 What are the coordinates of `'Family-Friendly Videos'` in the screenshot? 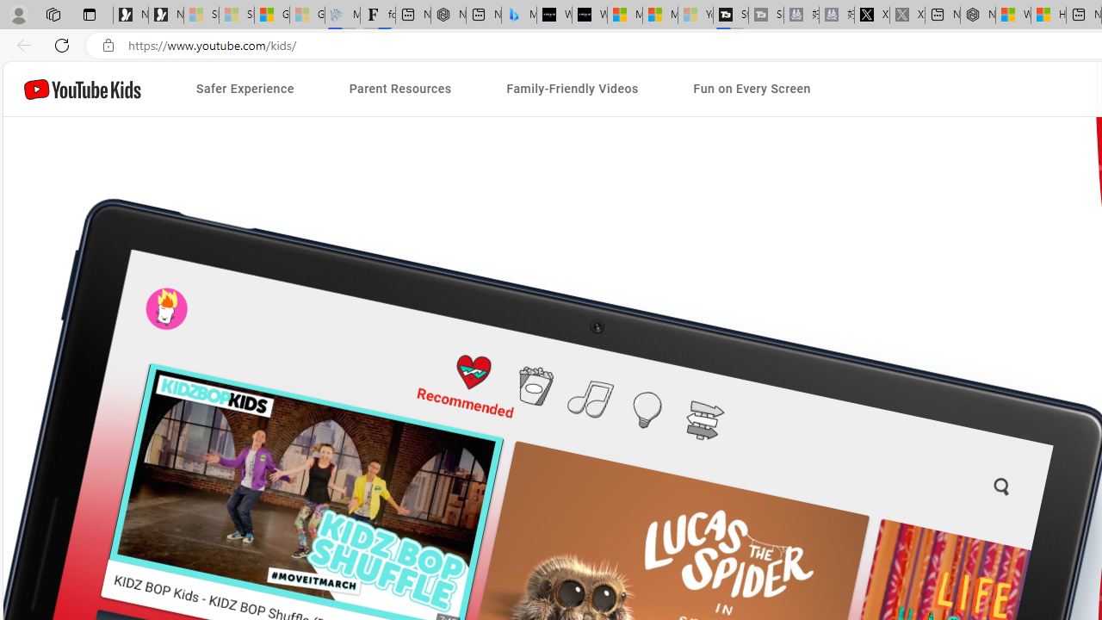 It's located at (572, 89).